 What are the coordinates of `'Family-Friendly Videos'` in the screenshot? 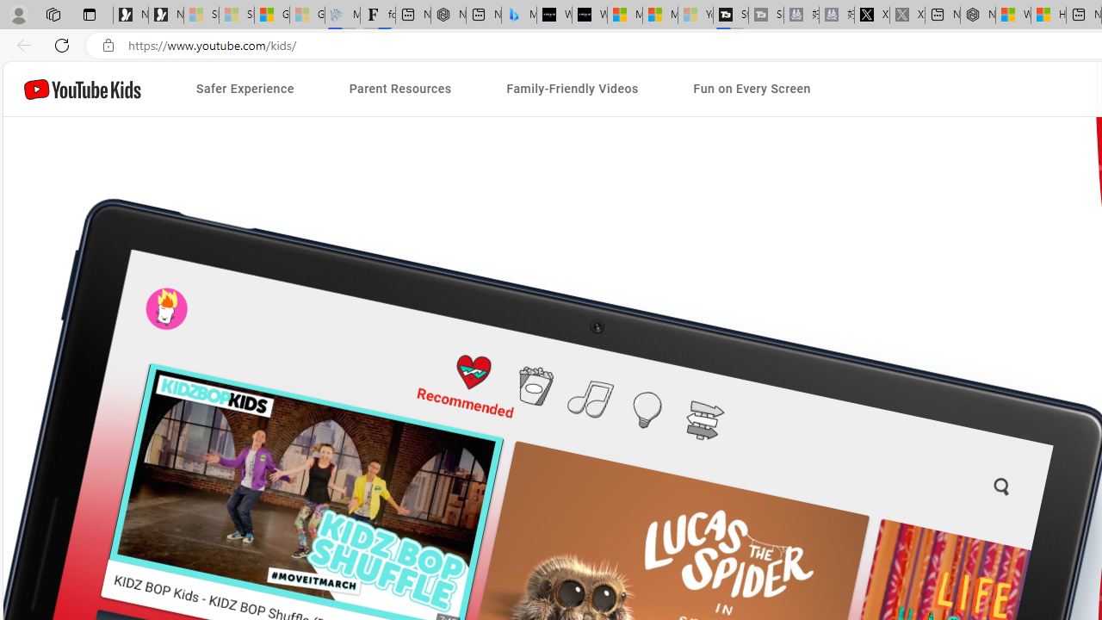 It's located at (572, 89).